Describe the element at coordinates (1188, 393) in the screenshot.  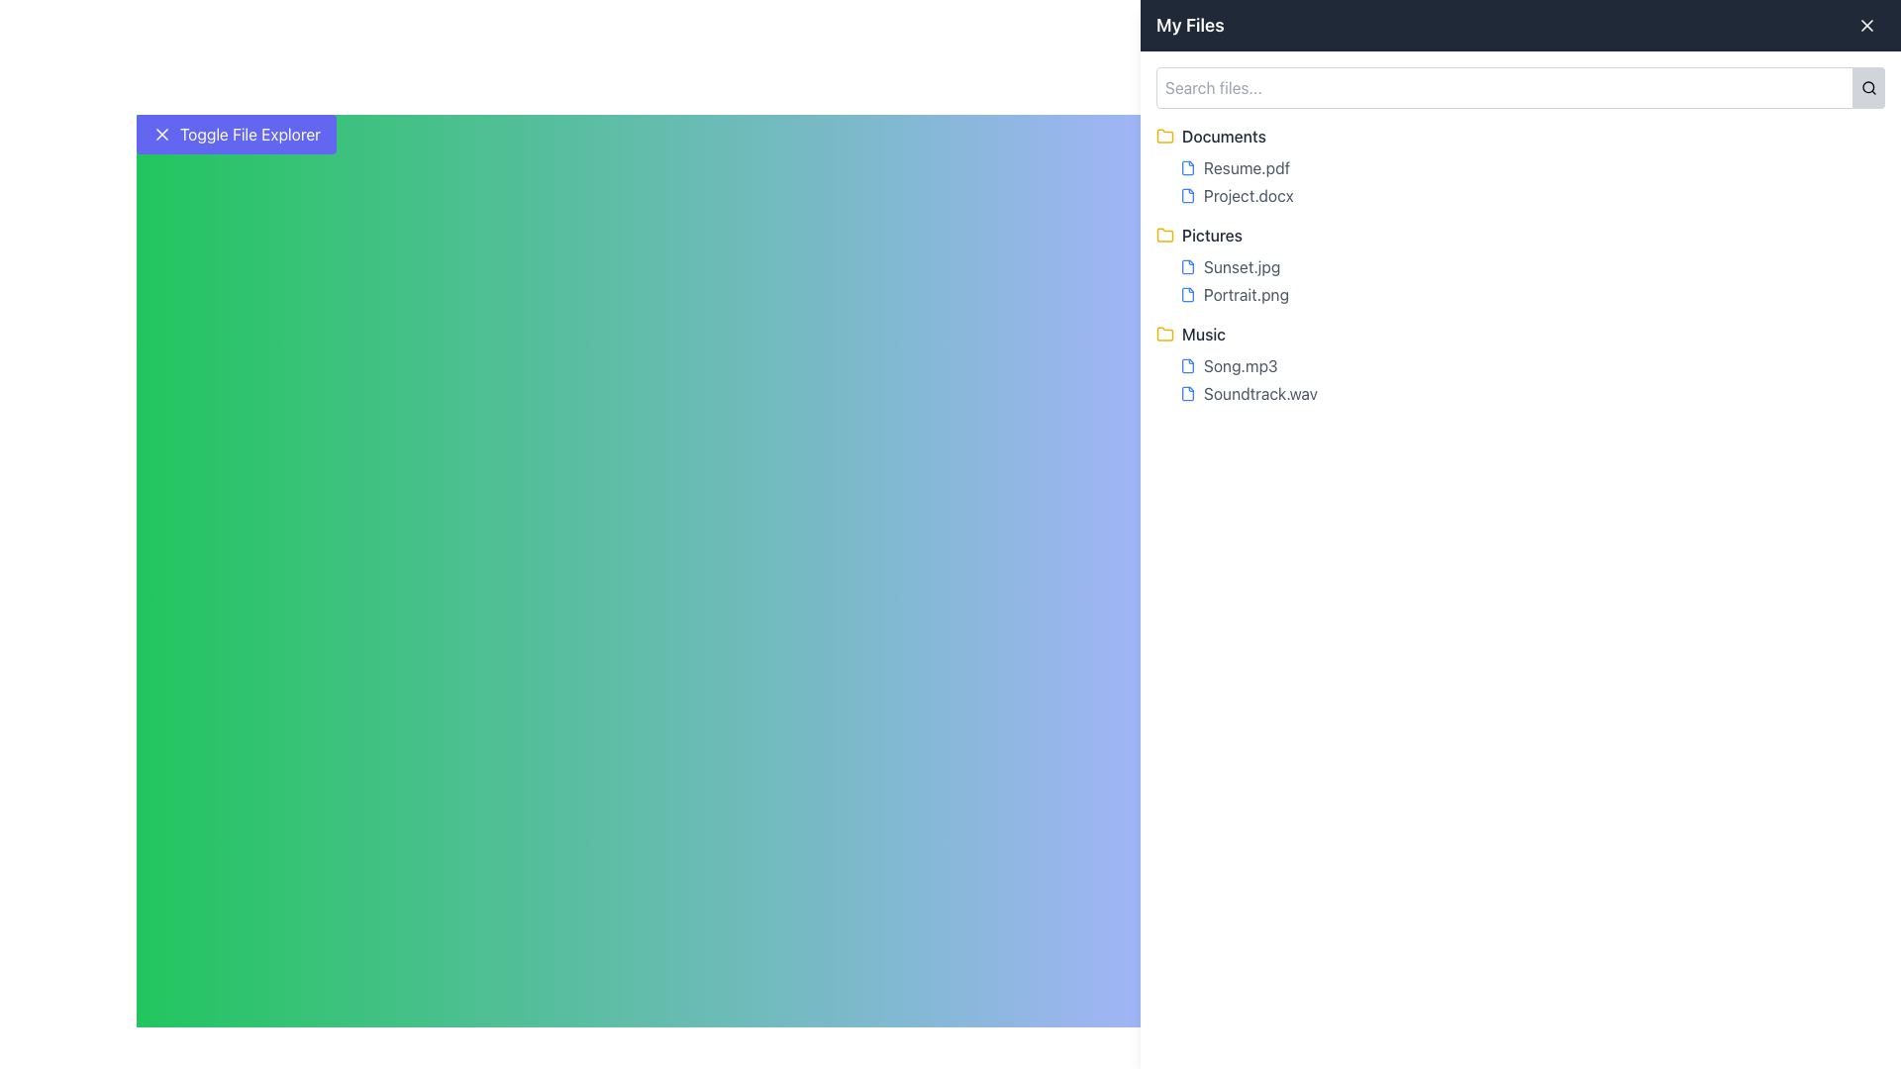
I see `the sound file icon associated with 'Soundtrack.wav', which is positioned to the left of the text label` at that location.